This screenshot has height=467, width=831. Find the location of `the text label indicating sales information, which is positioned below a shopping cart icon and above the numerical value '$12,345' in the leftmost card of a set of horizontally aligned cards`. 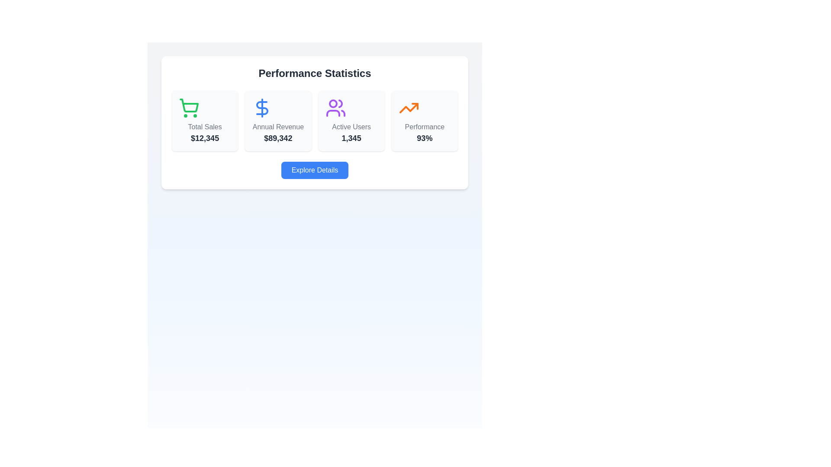

the text label indicating sales information, which is positioned below a shopping cart icon and above the numerical value '$12,345' in the leftmost card of a set of horizontally aligned cards is located at coordinates (204, 127).